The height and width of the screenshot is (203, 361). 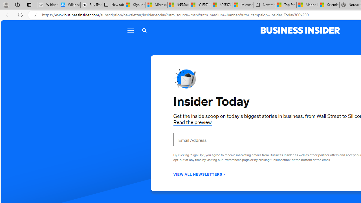 I want to click on 'Business Insider logo', so click(x=300, y=30).